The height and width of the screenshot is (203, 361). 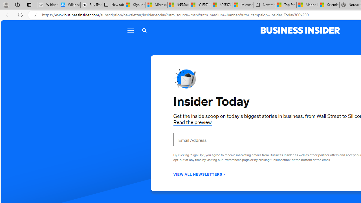 I want to click on 'Business Insider logo', so click(x=300, y=30).